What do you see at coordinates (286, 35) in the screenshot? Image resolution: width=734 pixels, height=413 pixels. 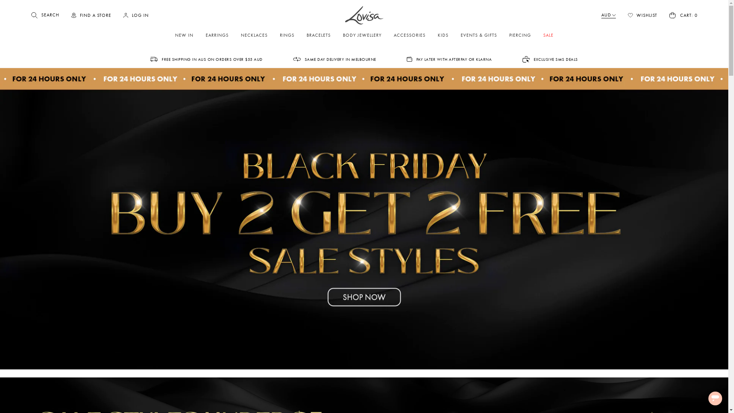 I see `'RINGS'` at bounding box center [286, 35].